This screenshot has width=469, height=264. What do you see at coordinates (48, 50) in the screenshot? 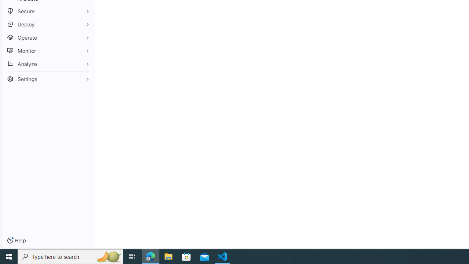
I see `'Monitor'` at bounding box center [48, 50].